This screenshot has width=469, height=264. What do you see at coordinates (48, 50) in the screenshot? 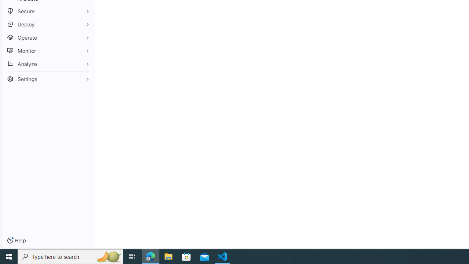
I see `'Monitor'` at bounding box center [48, 50].